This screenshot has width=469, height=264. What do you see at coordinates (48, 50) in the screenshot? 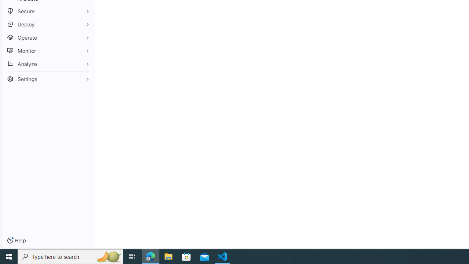
I see `'Monitor'` at bounding box center [48, 50].